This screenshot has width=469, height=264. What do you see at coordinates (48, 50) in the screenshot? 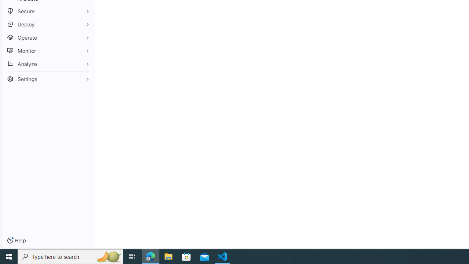
I see `'Monitor'` at bounding box center [48, 50].